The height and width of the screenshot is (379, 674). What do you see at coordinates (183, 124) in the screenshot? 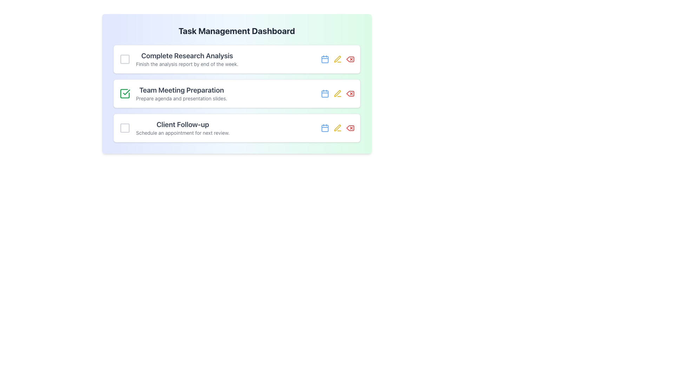
I see `the 'Client Follow-up' text label, which serves as the title of a task in the task management dashboard and is located in the third position of a vertical list` at bounding box center [183, 124].